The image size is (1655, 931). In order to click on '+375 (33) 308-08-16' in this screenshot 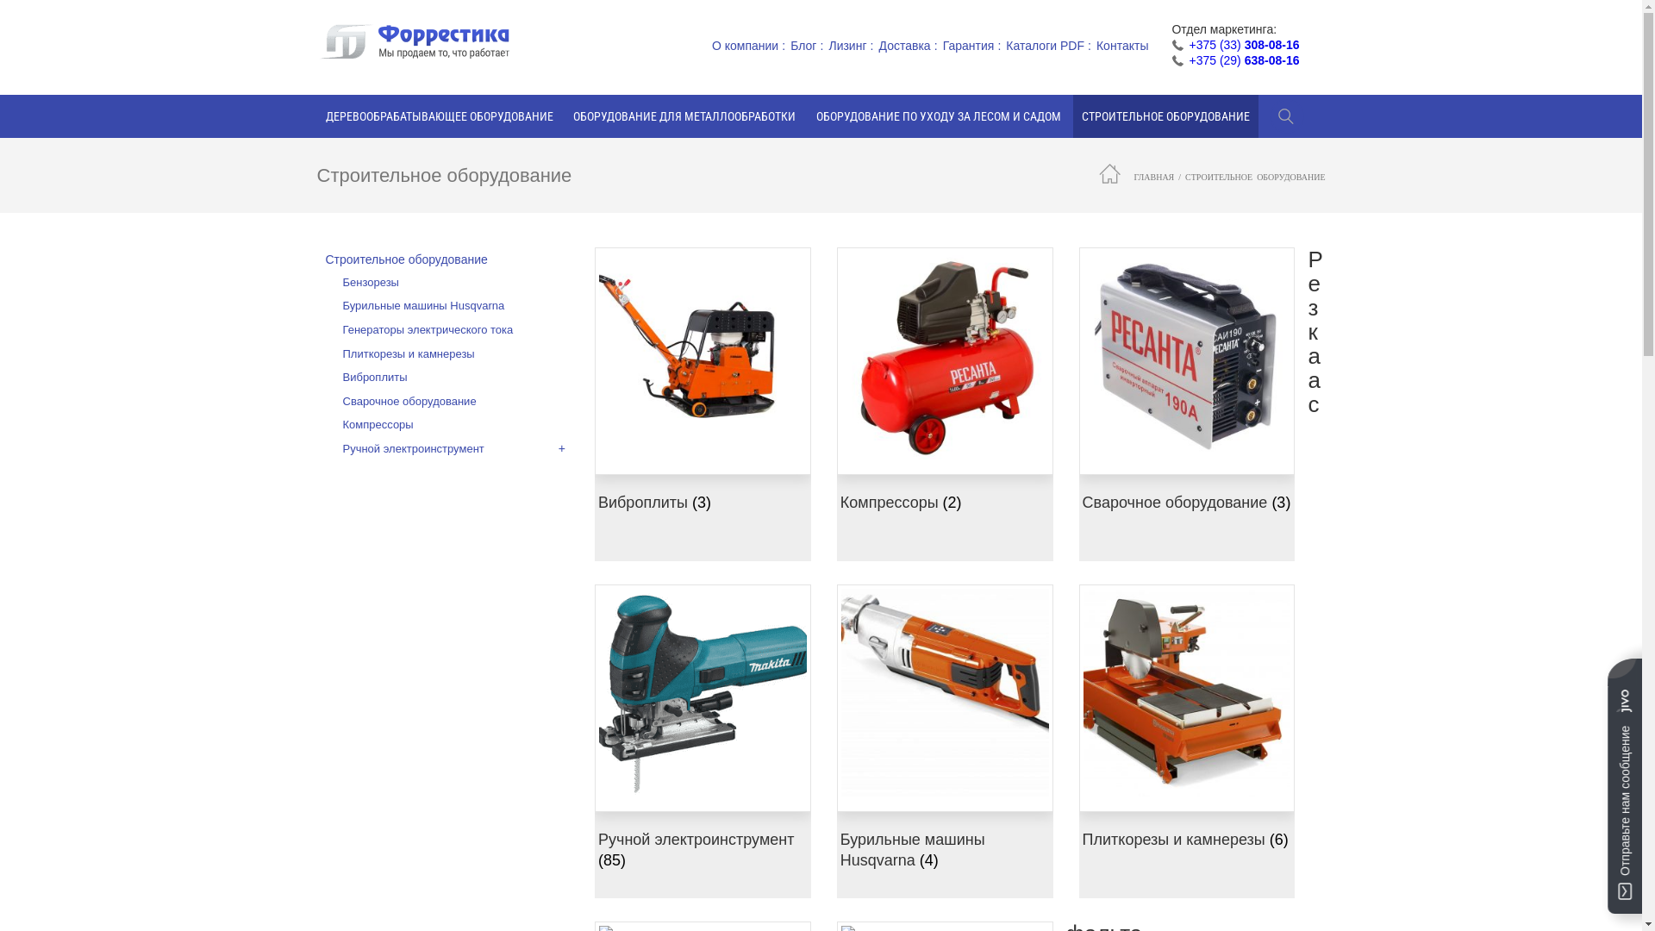, I will do `click(1244, 43)`.